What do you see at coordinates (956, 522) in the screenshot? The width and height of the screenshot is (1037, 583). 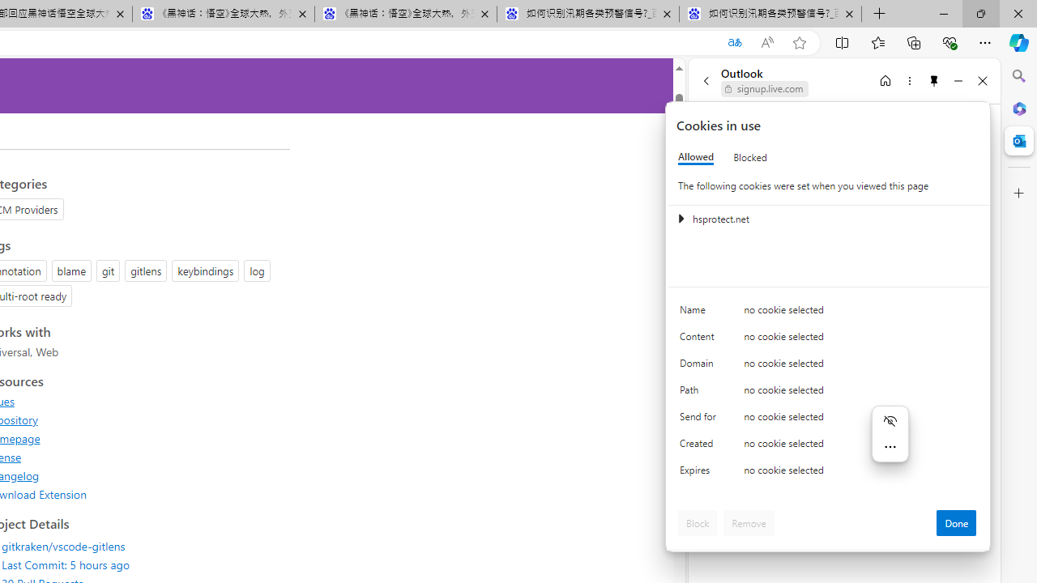 I see `'Done'` at bounding box center [956, 522].